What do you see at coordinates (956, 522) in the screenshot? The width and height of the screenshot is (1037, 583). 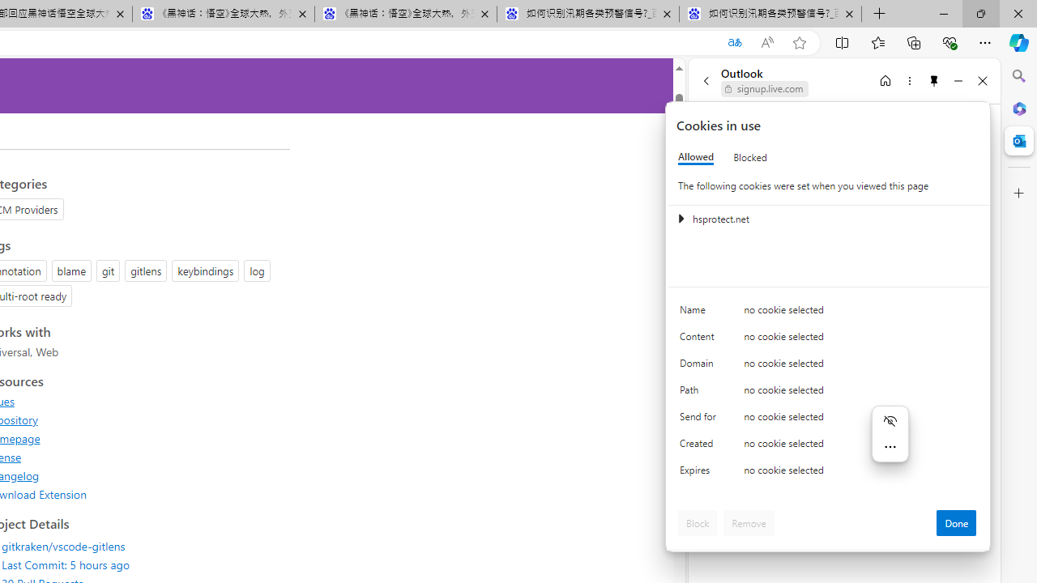 I see `'Done'` at bounding box center [956, 522].